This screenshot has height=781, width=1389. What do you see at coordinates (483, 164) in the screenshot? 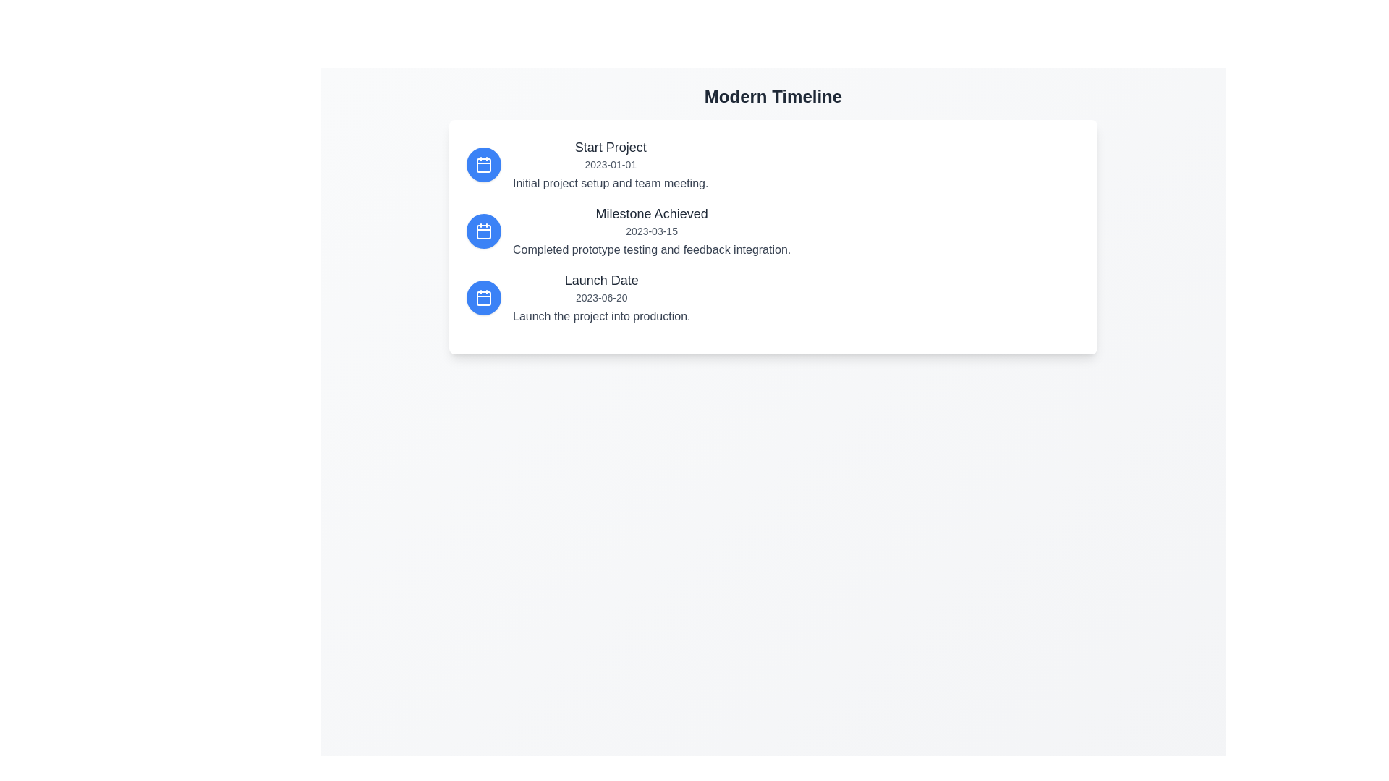
I see `the inner rectangular SVG component of the calendar icon, which represents the first event in the timeline, located adjacent to the 'Start Project' label` at bounding box center [483, 164].